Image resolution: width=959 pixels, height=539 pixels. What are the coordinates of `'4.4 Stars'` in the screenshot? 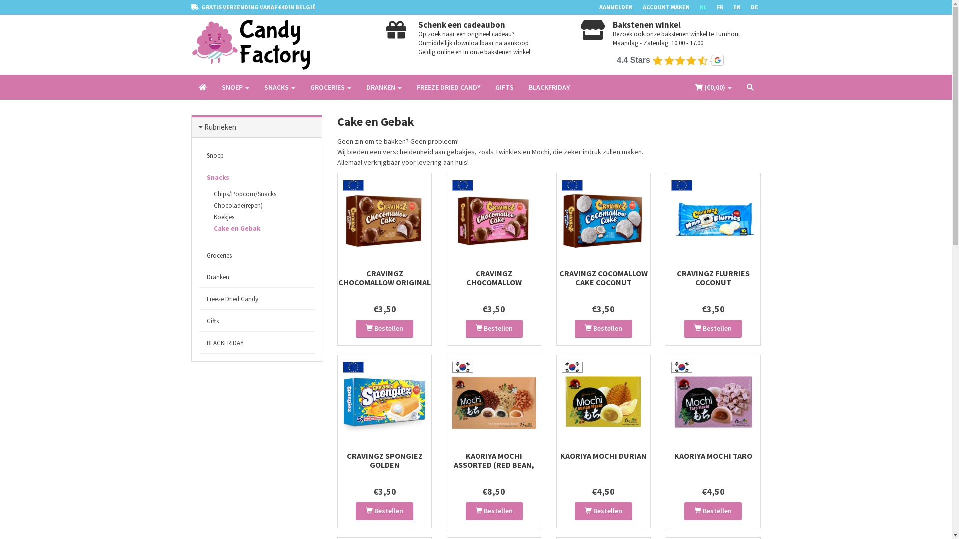 It's located at (671, 60).